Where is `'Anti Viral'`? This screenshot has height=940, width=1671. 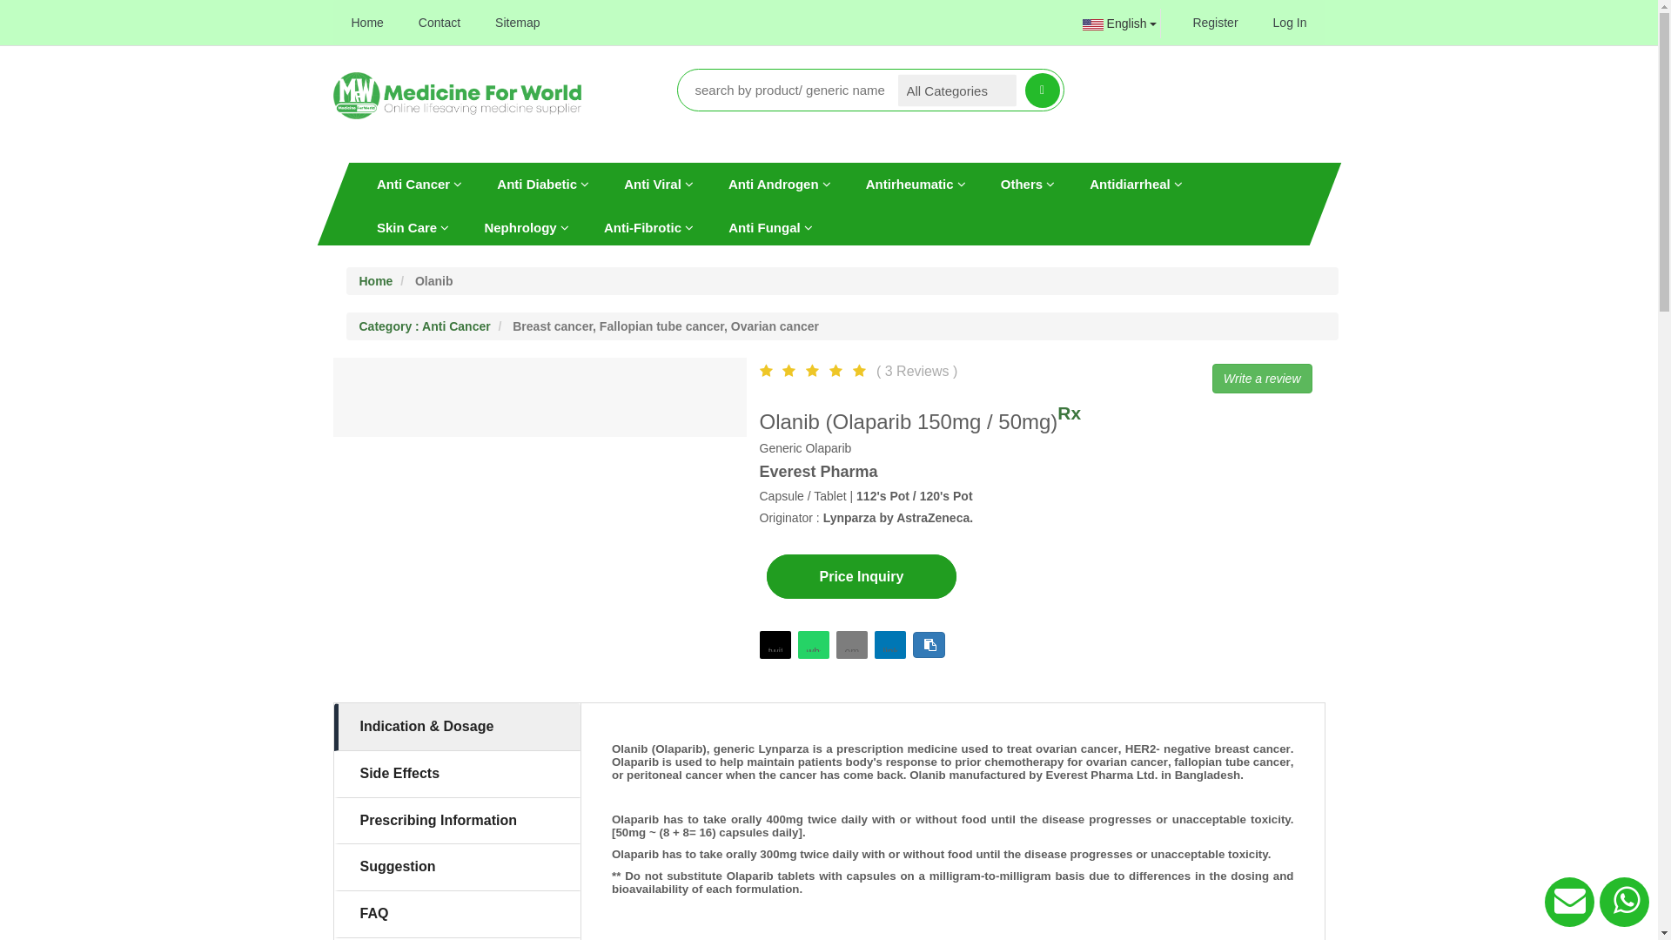
'Anti Viral' is located at coordinates (658, 184).